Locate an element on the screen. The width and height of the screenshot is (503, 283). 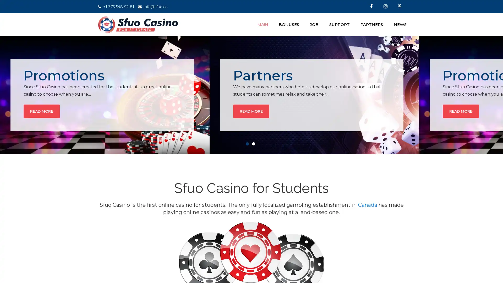
1 is located at coordinates (248, 145).